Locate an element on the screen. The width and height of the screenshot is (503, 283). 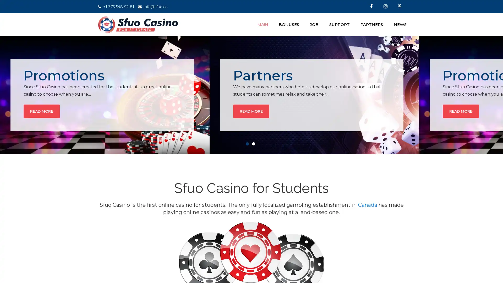
1 is located at coordinates (248, 145).